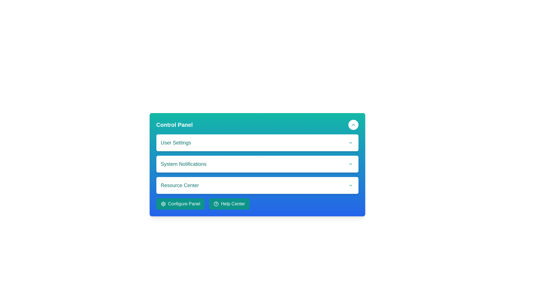 Image resolution: width=539 pixels, height=303 pixels. What do you see at coordinates (216, 204) in the screenshot?
I see `the small circular help icon located to the right of the 'Help Center' button at the bottom of the control panel interface` at bounding box center [216, 204].